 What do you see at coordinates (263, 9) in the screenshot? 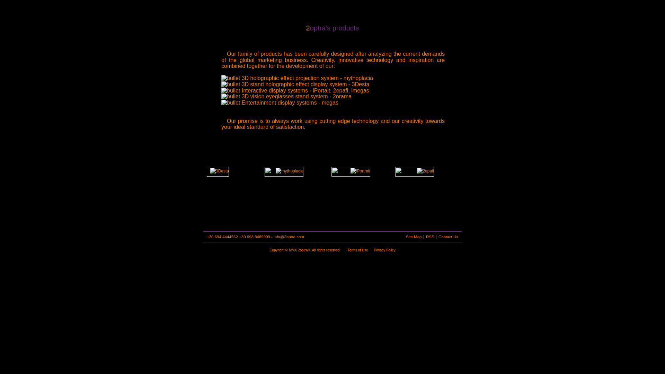
I see `'products'` at bounding box center [263, 9].